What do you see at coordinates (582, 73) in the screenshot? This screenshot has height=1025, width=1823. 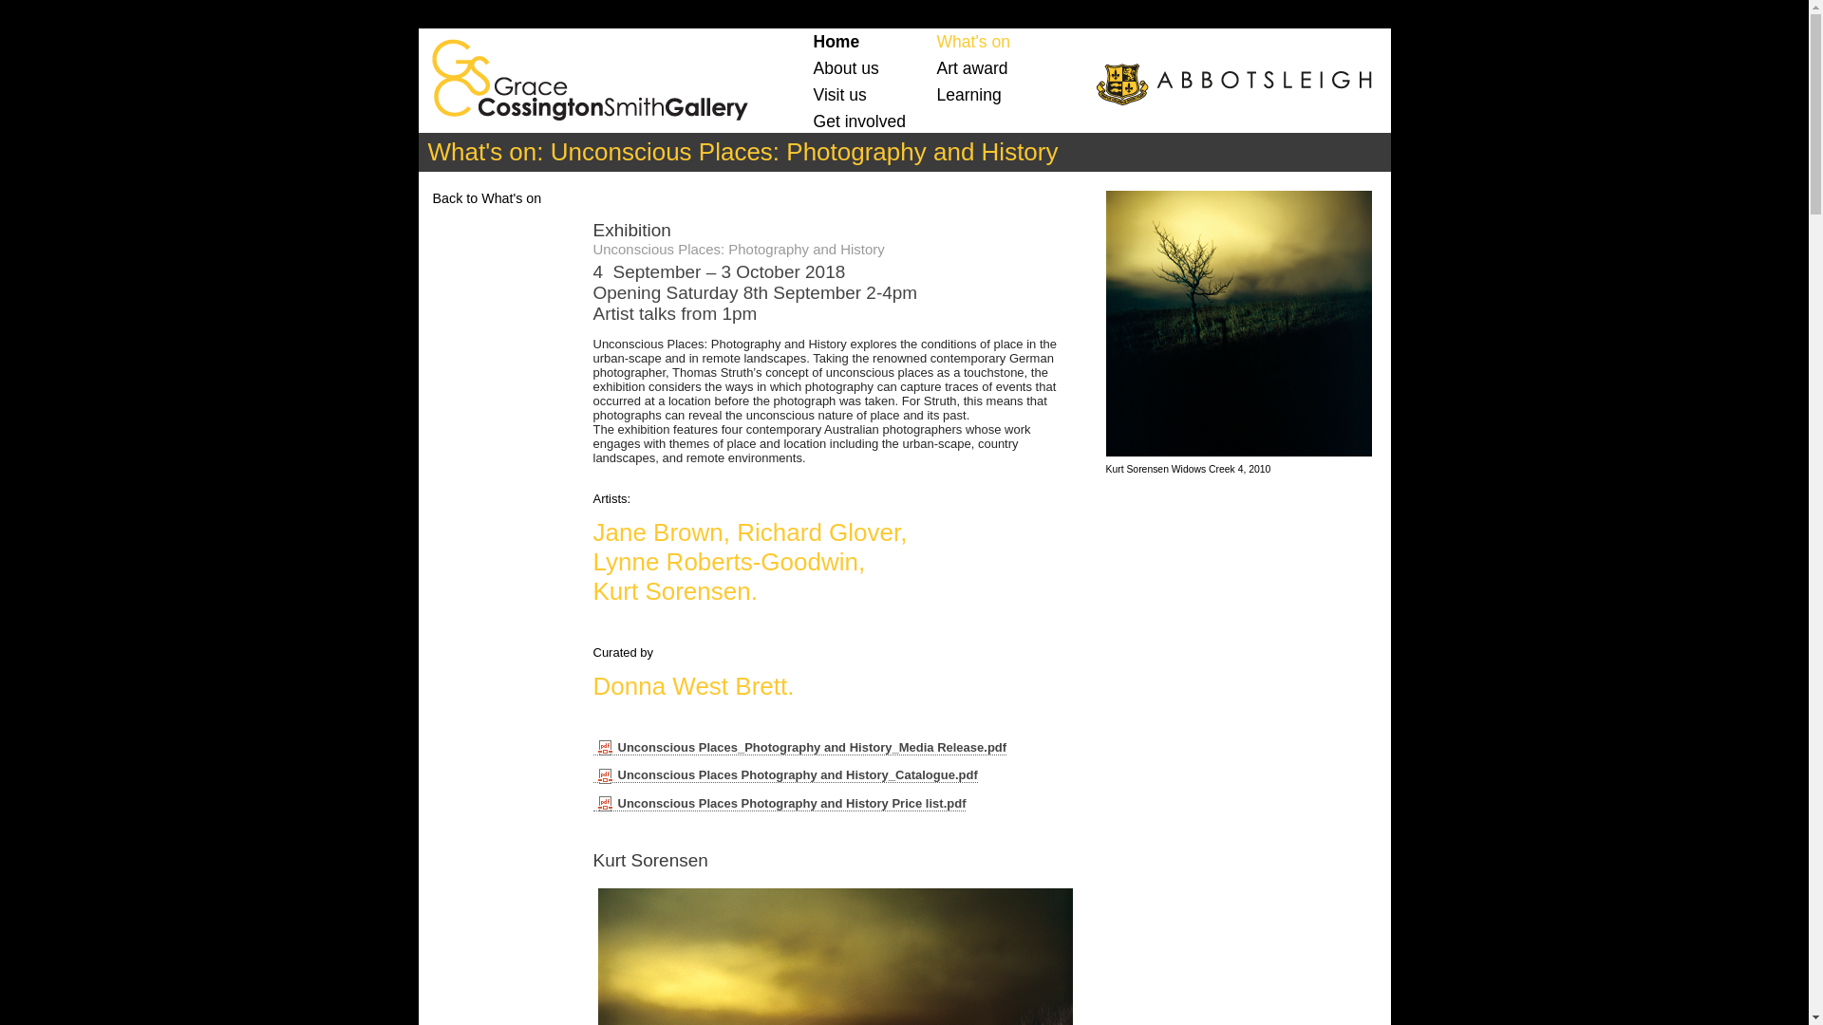 I see `'Return to the homepage'` at bounding box center [582, 73].